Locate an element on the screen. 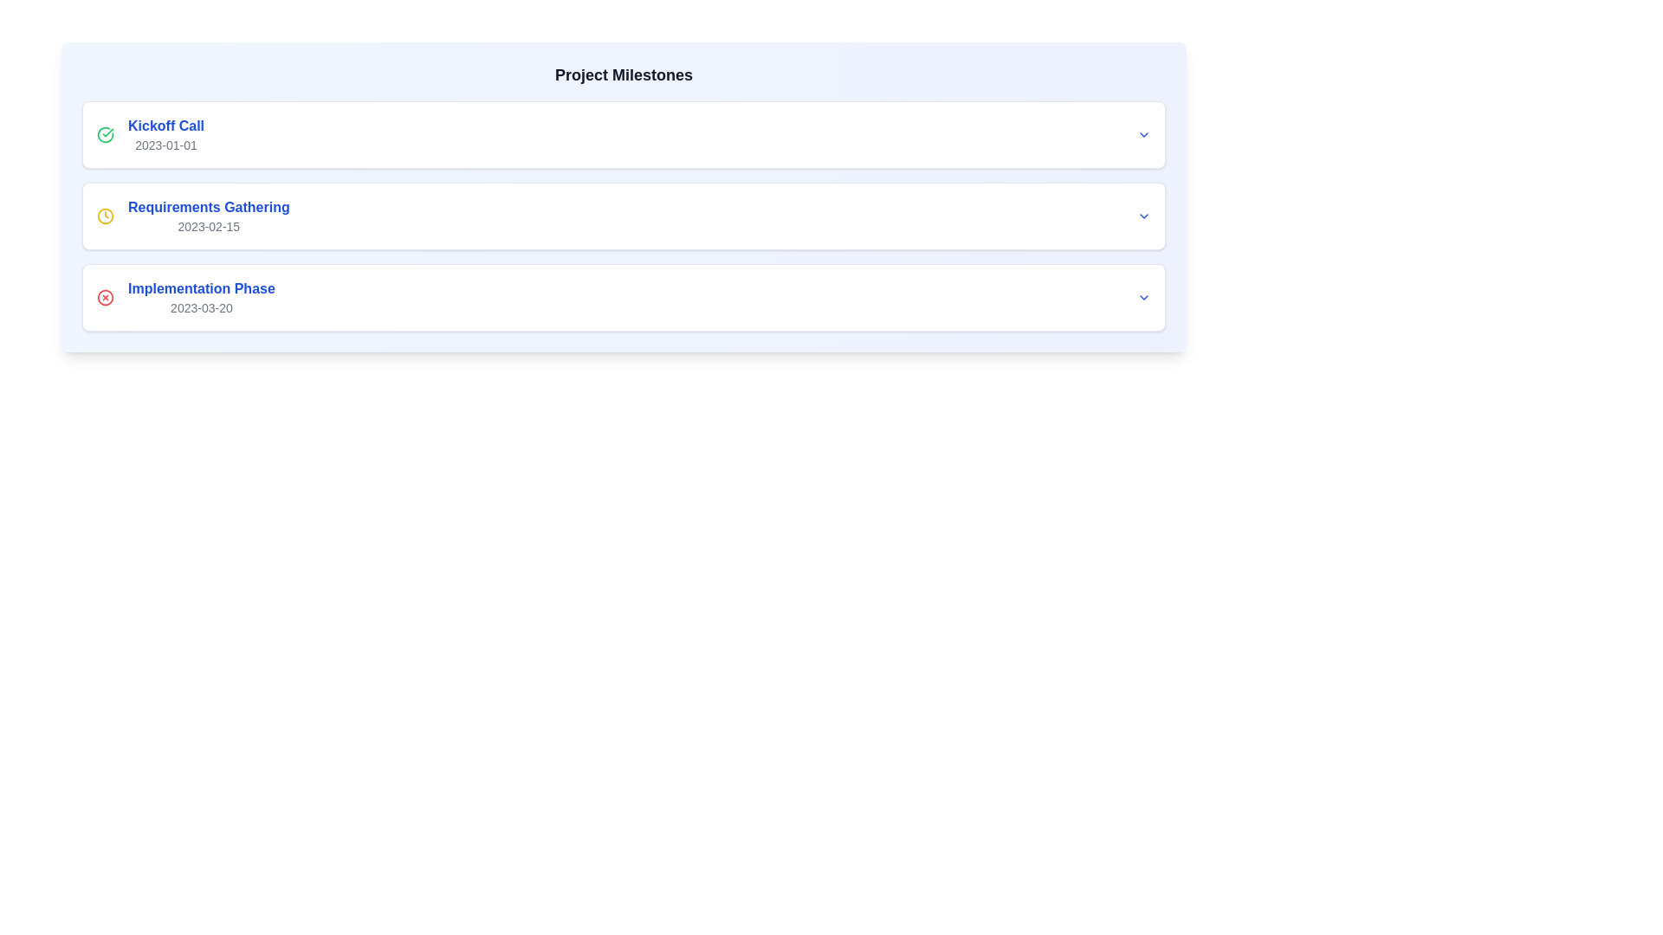 This screenshot has height=935, width=1663. the time-related indicator icon located to the left of the 'Requirements Gathering' text is located at coordinates (104, 216).